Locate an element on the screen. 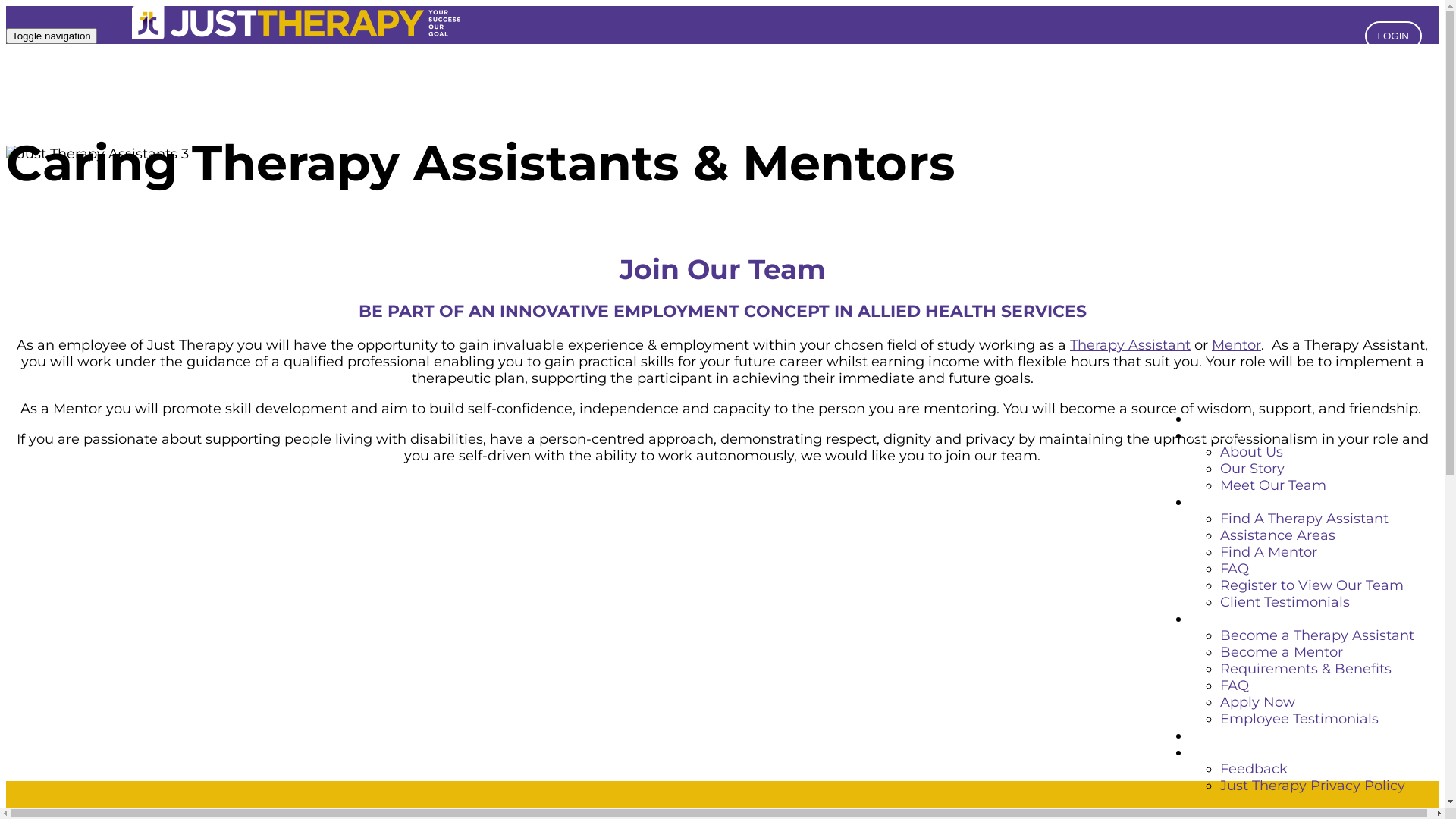 This screenshot has height=819, width=1456. 'LOGIN' is located at coordinates (1393, 35).